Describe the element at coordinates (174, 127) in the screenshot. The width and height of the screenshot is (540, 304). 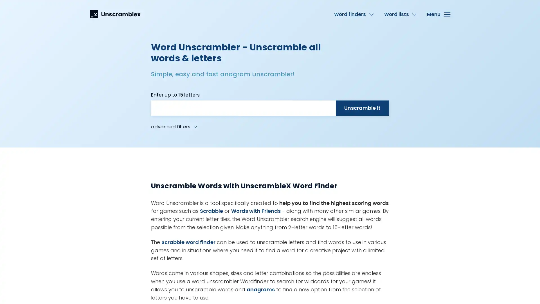
I see `advanced filters` at that location.